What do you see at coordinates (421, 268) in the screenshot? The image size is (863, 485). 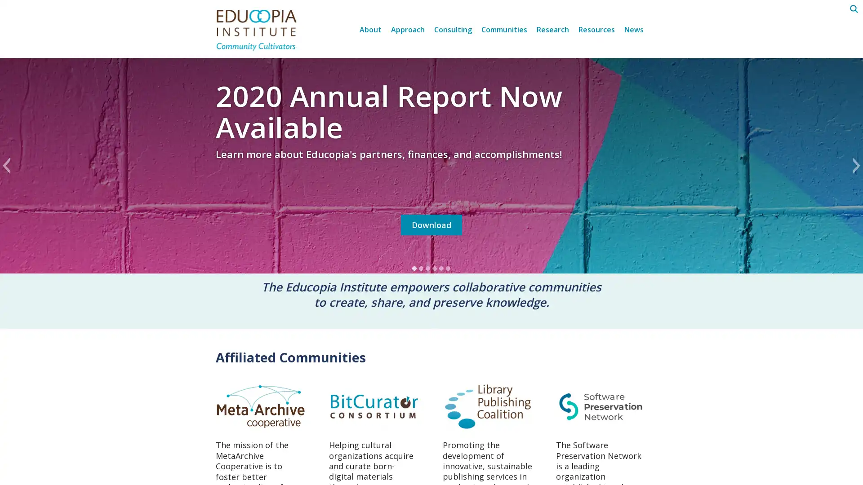 I see `Go to slide 2` at bounding box center [421, 268].